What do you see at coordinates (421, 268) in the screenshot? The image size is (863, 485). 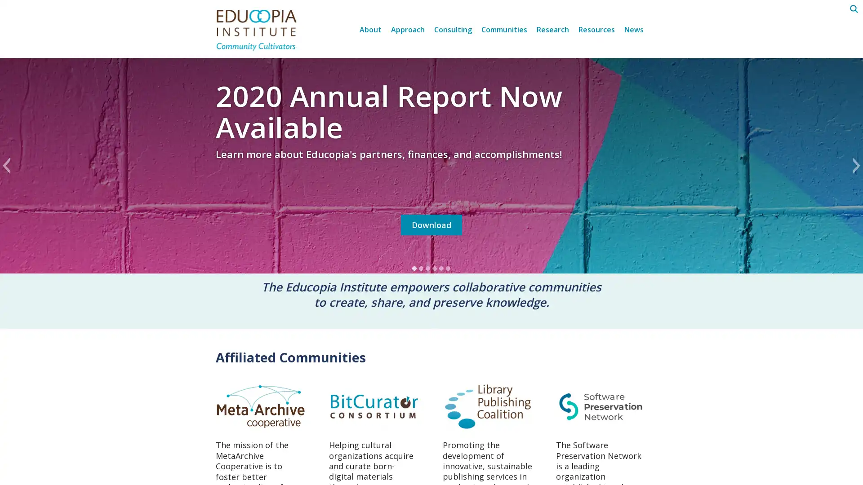 I see `Go to slide 2` at bounding box center [421, 268].